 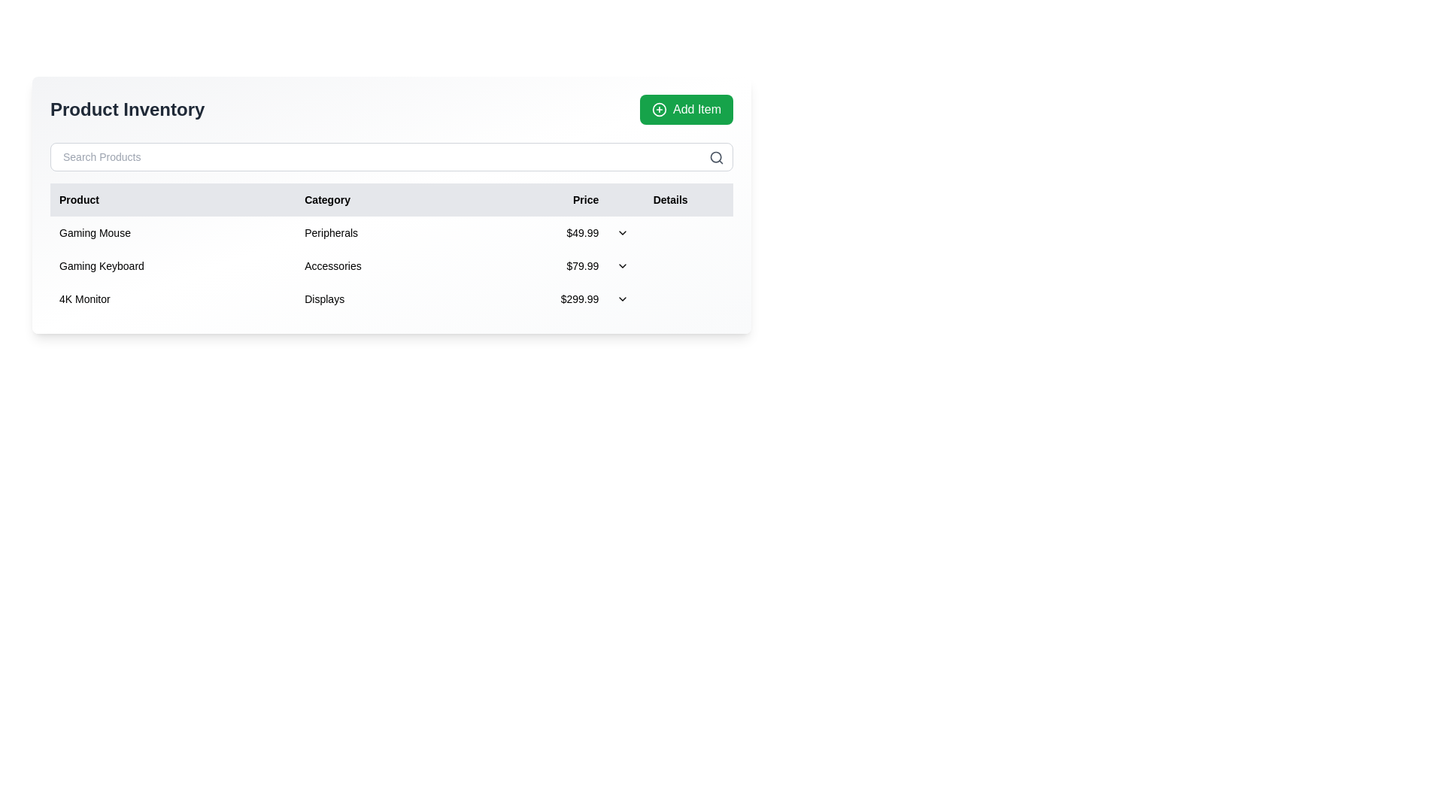 What do you see at coordinates (716, 157) in the screenshot?
I see `the search icon located at the far right inside the search input field, which indicates the search feature and may trigger a search action when clicked` at bounding box center [716, 157].